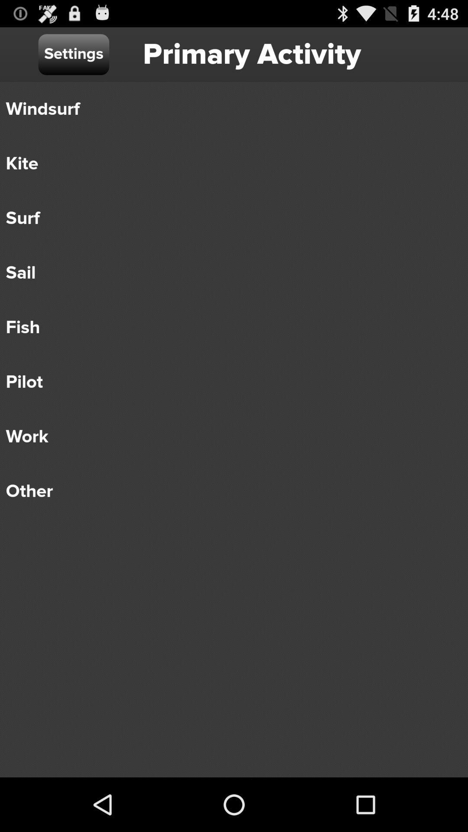  I want to click on the icon above other icon, so click(227, 437).